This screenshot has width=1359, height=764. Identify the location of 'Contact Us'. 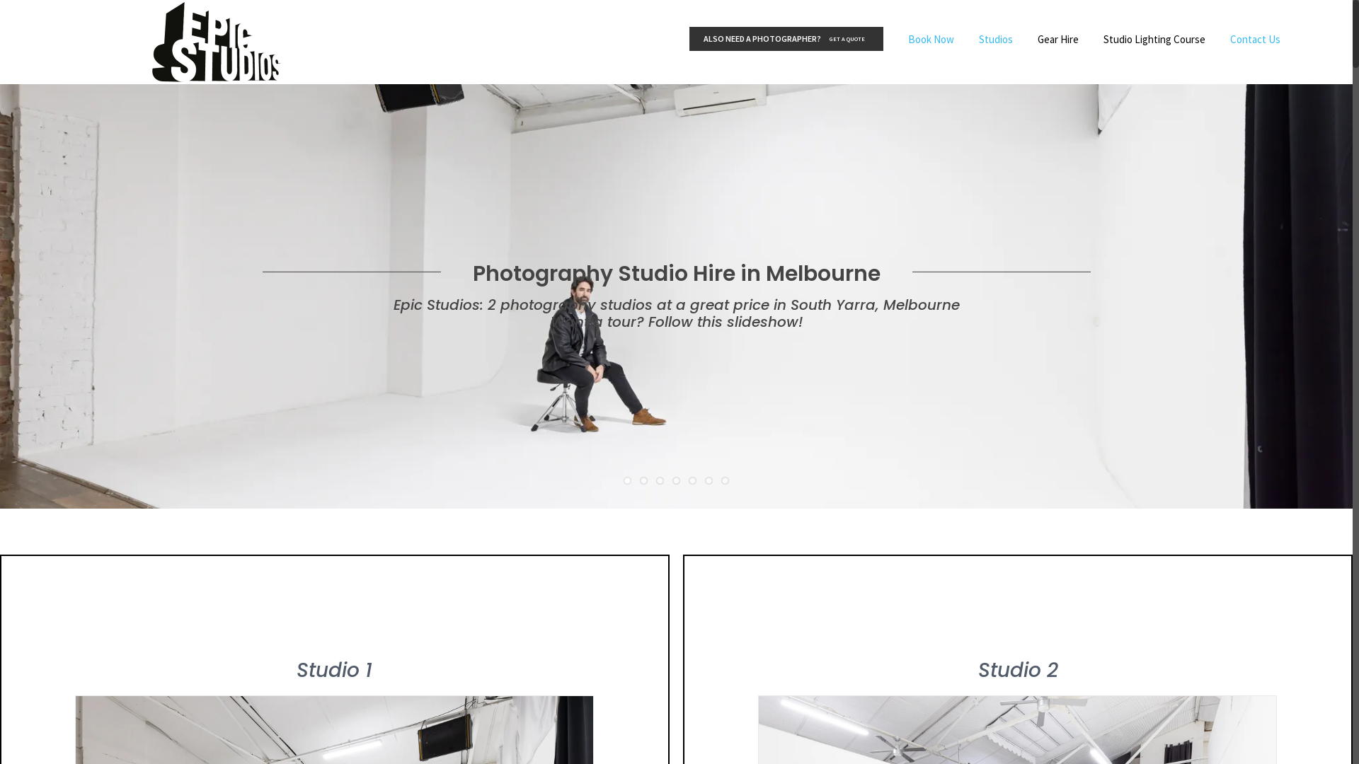
(1255, 37).